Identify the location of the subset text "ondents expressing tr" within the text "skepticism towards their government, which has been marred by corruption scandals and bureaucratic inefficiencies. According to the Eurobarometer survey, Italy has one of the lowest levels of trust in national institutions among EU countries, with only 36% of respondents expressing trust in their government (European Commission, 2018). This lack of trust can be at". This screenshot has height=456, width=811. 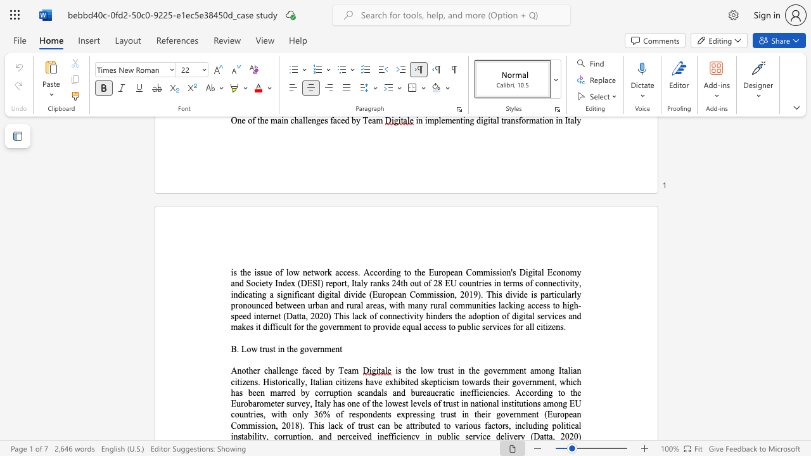
(363, 414).